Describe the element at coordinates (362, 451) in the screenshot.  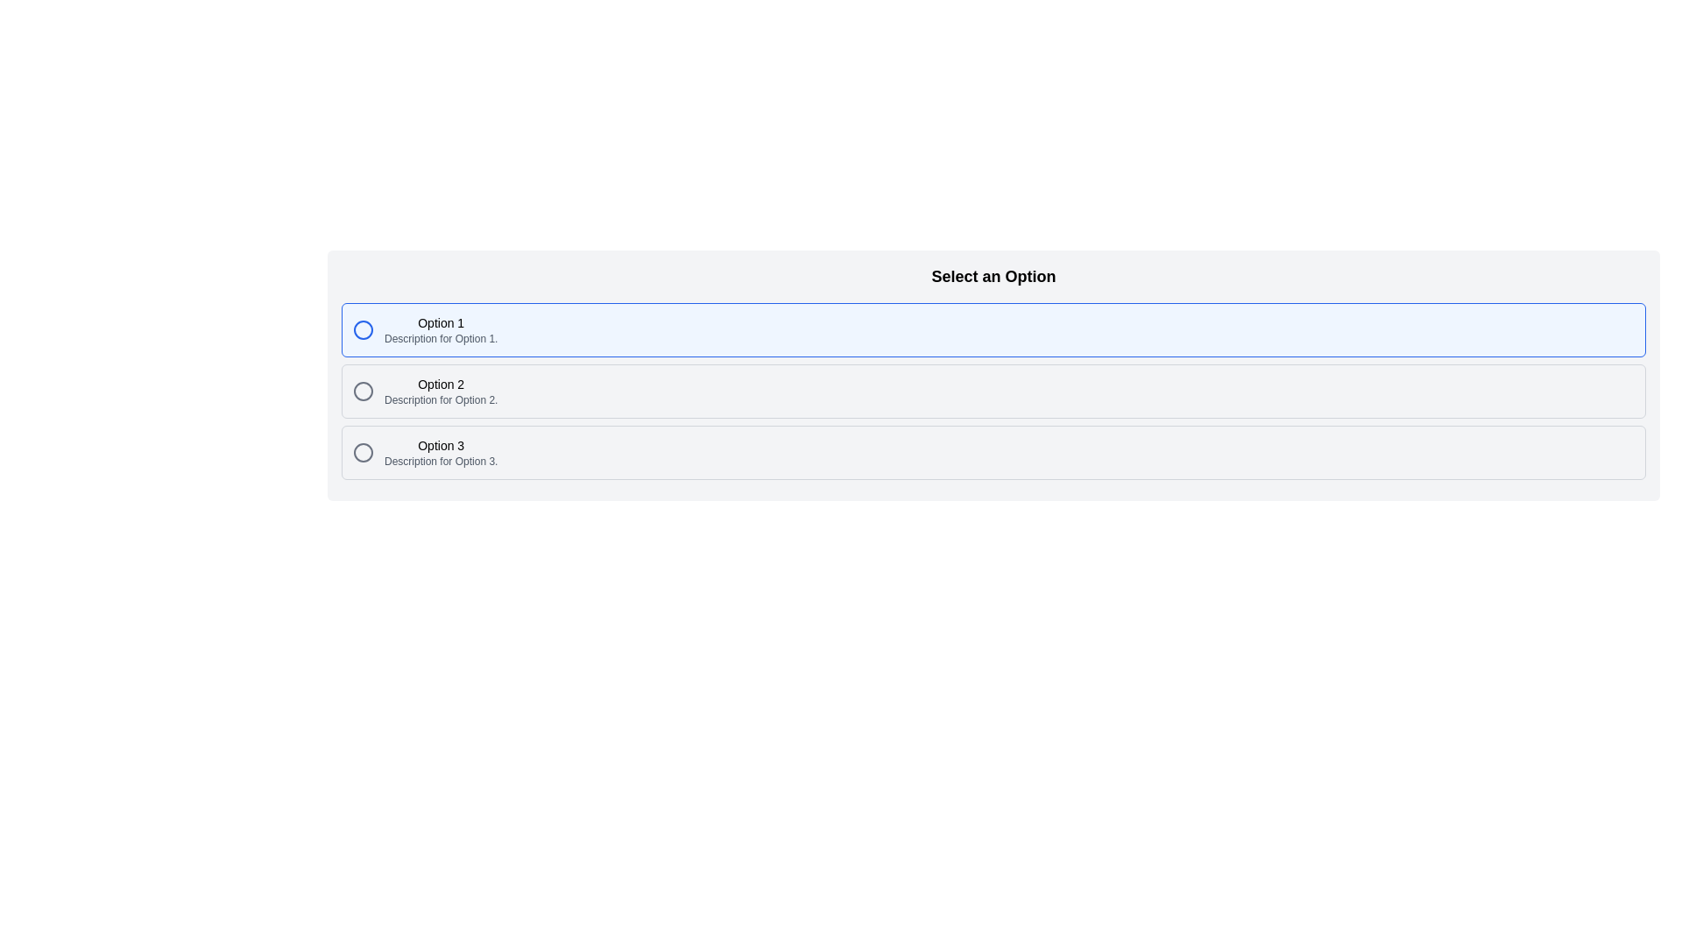
I see `the circular selection indicator for 'Option 3'` at that location.